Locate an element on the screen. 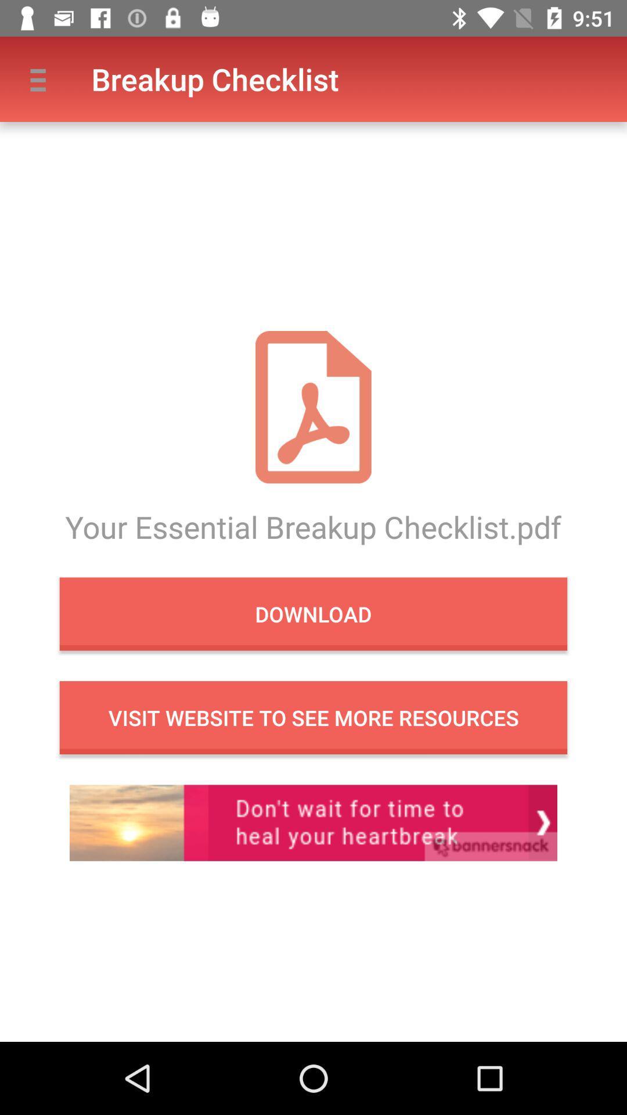 Image resolution: width=627 pixels, height=1115 pixels. in app advertisement is located at coordinates (313, 822).